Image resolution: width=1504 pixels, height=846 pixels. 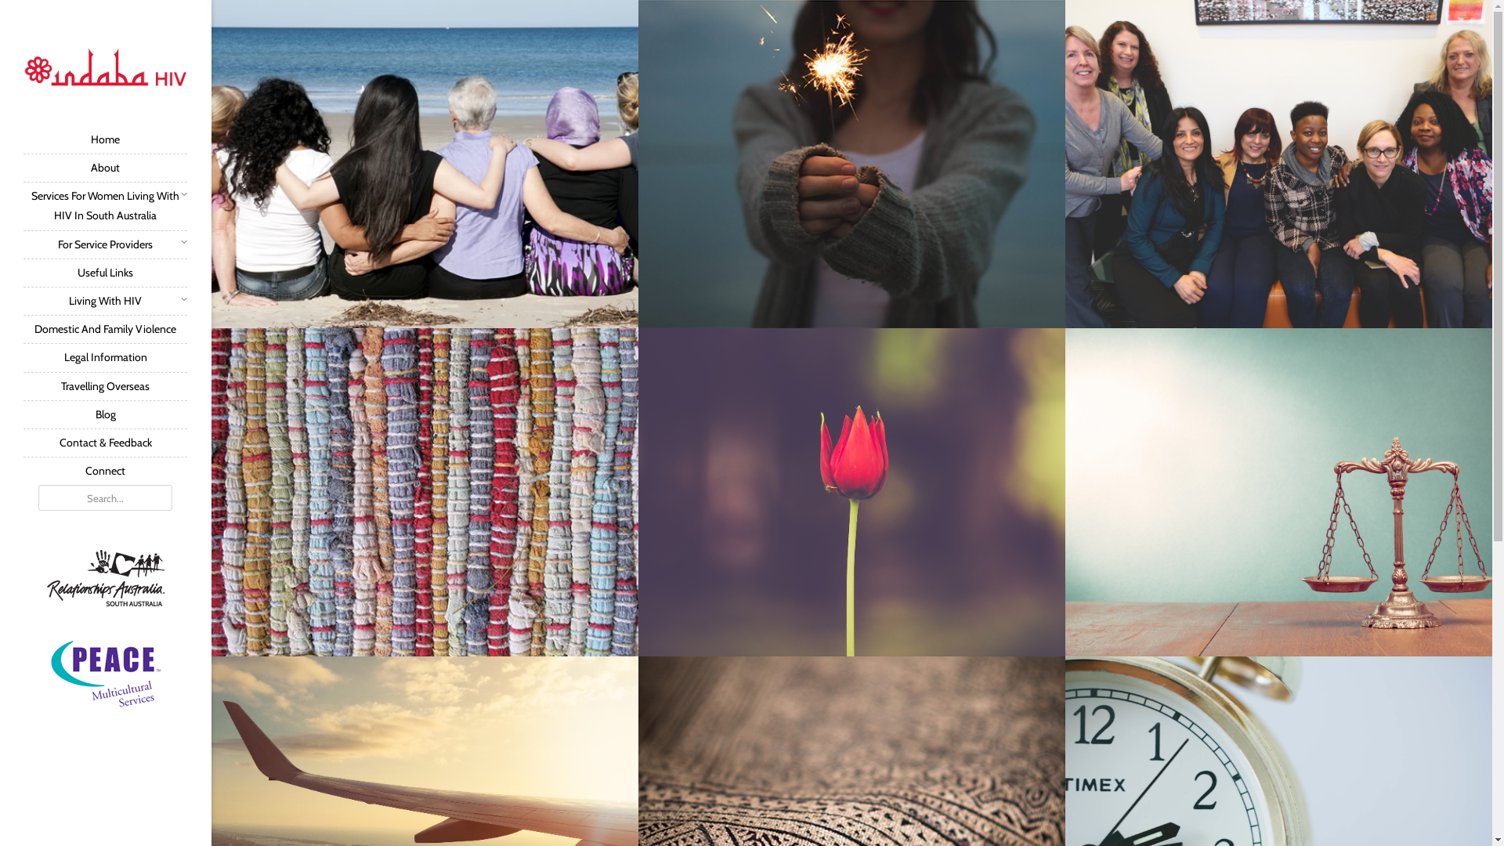 I want to click on 'About', so click(x=104, y=167).